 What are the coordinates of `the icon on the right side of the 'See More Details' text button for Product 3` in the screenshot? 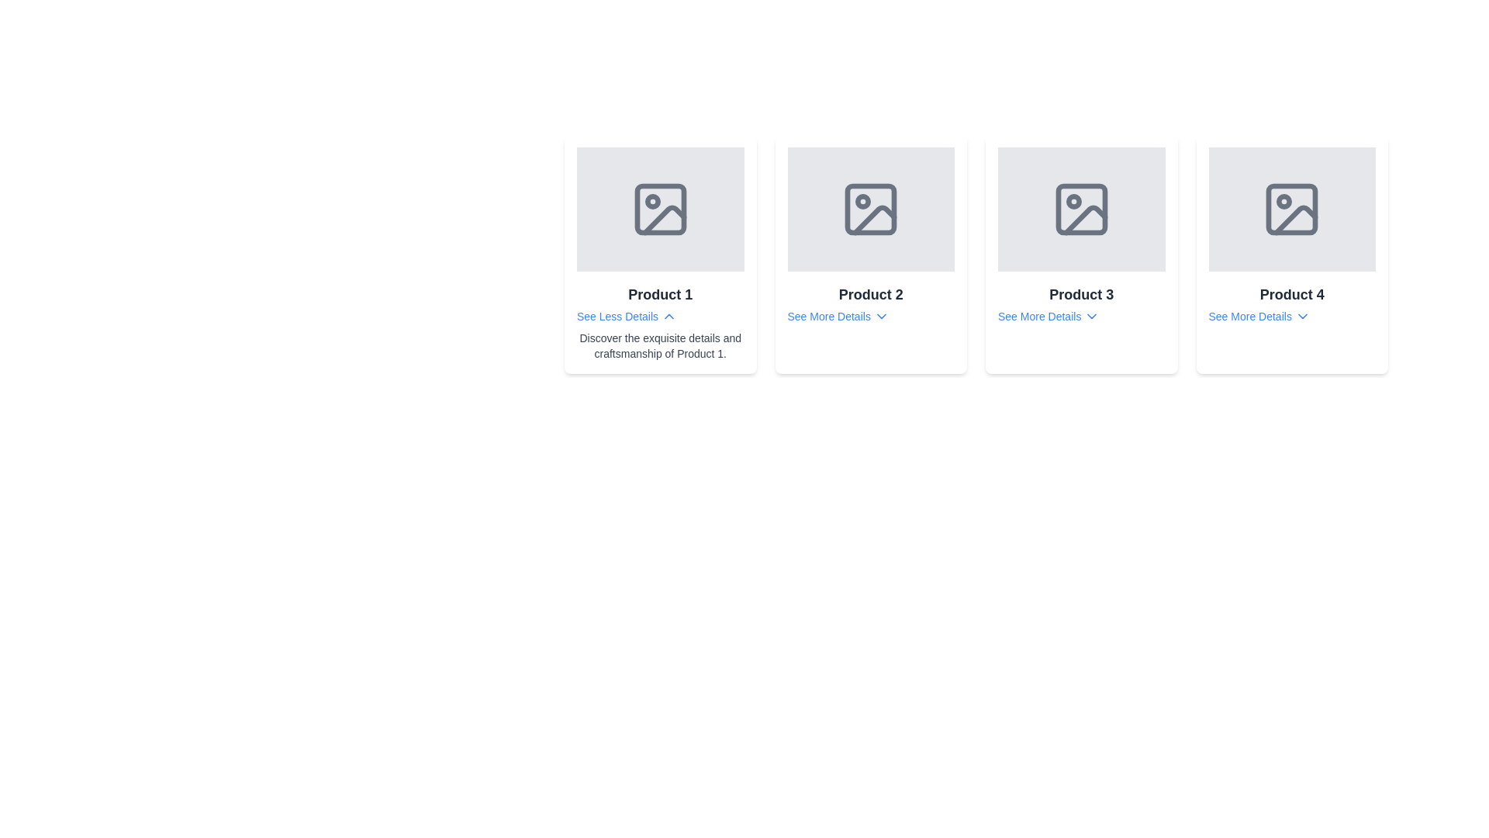 It's located at (1091, 316).